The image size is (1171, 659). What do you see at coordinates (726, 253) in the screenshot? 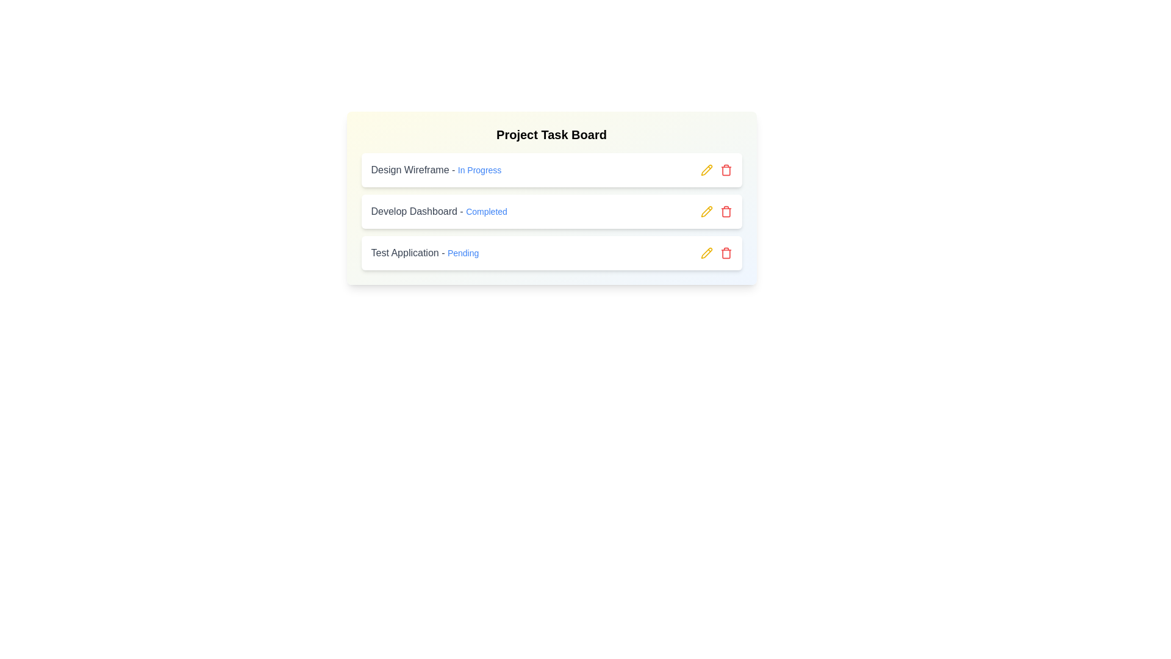
I see `the trash icon to delete the task Test Application` at bounding box center [726, 253].